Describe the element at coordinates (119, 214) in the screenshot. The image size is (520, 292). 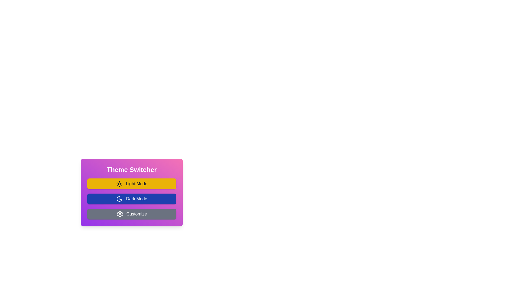
I see `the customization icon located in the bottom row of the theme selector, positioned to the left of the 'Customize' label` at that location.